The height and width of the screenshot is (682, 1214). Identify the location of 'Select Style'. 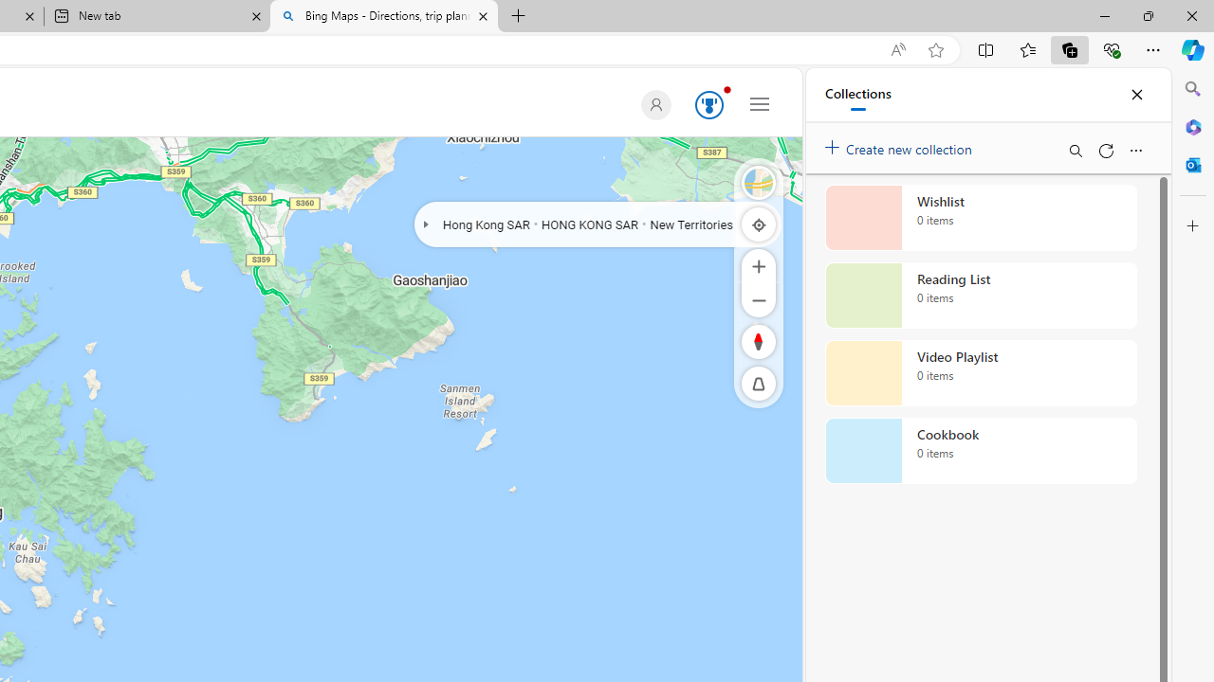
(759, 182).